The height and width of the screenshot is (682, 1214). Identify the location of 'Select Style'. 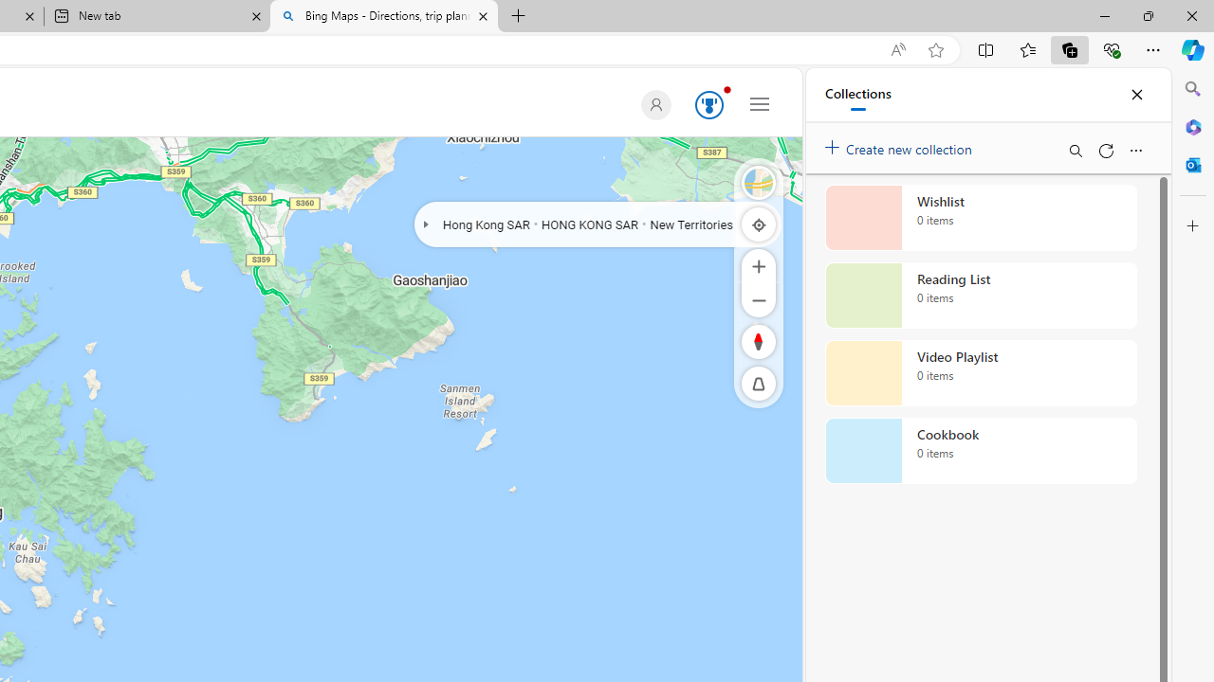
(759, 182).